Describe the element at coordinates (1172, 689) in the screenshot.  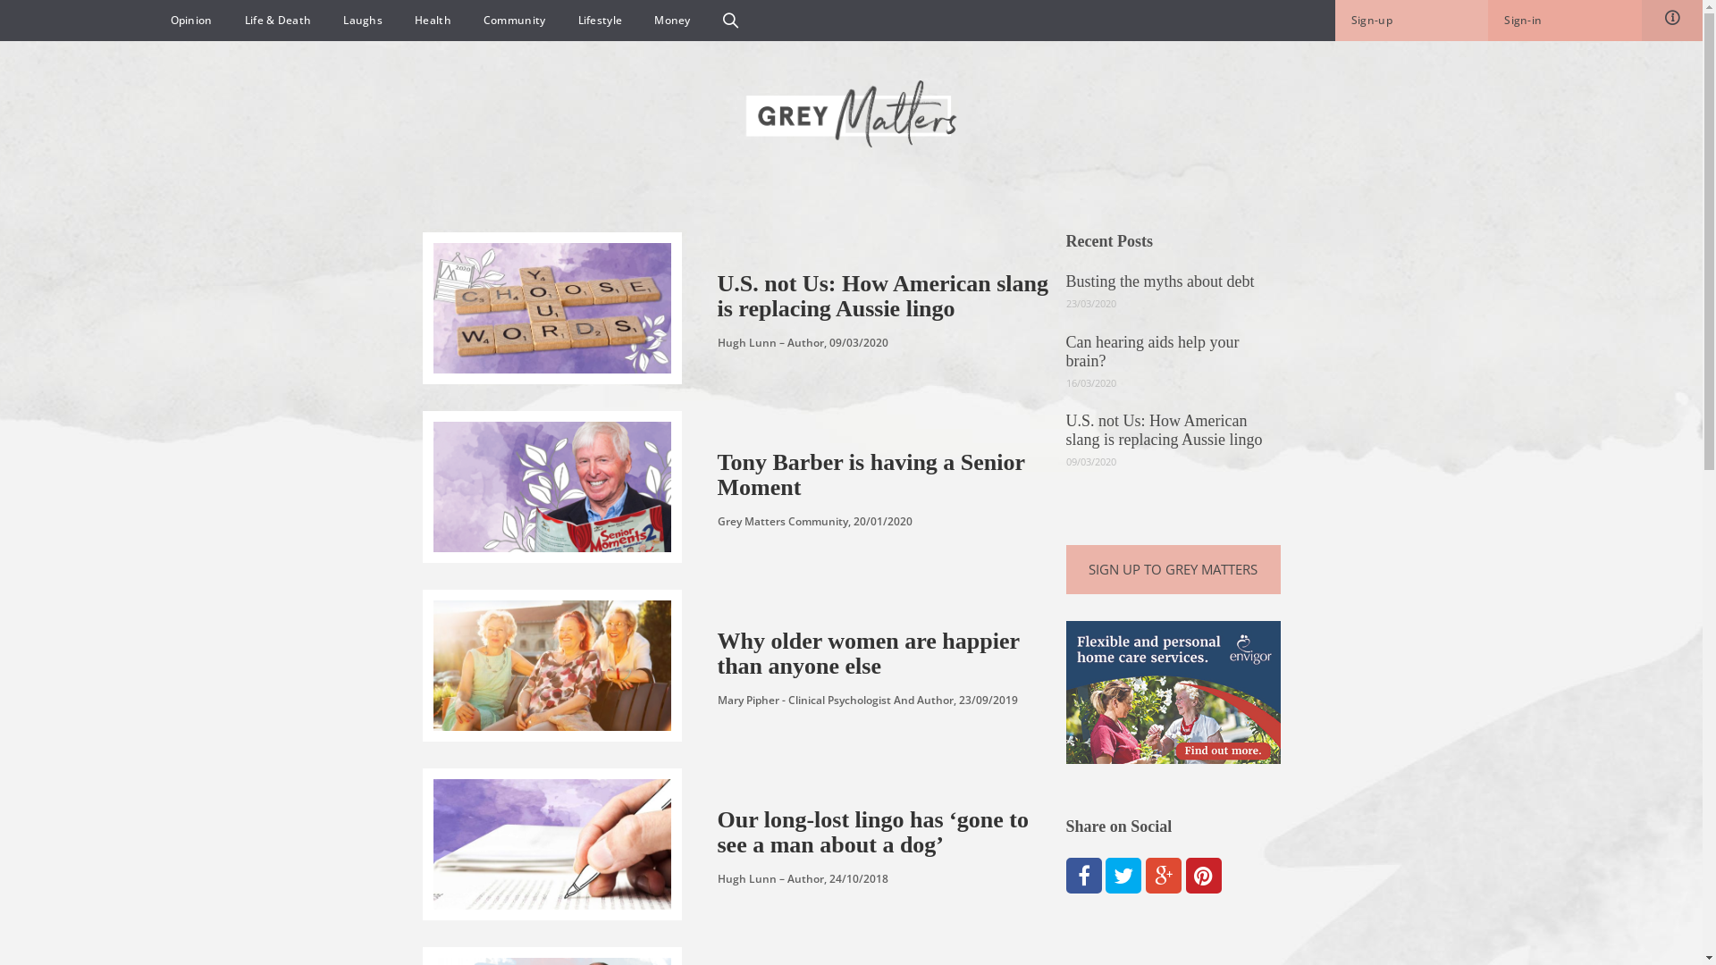
I see `'Envigor_Display ads_Grey Matters_v2'` at that location.